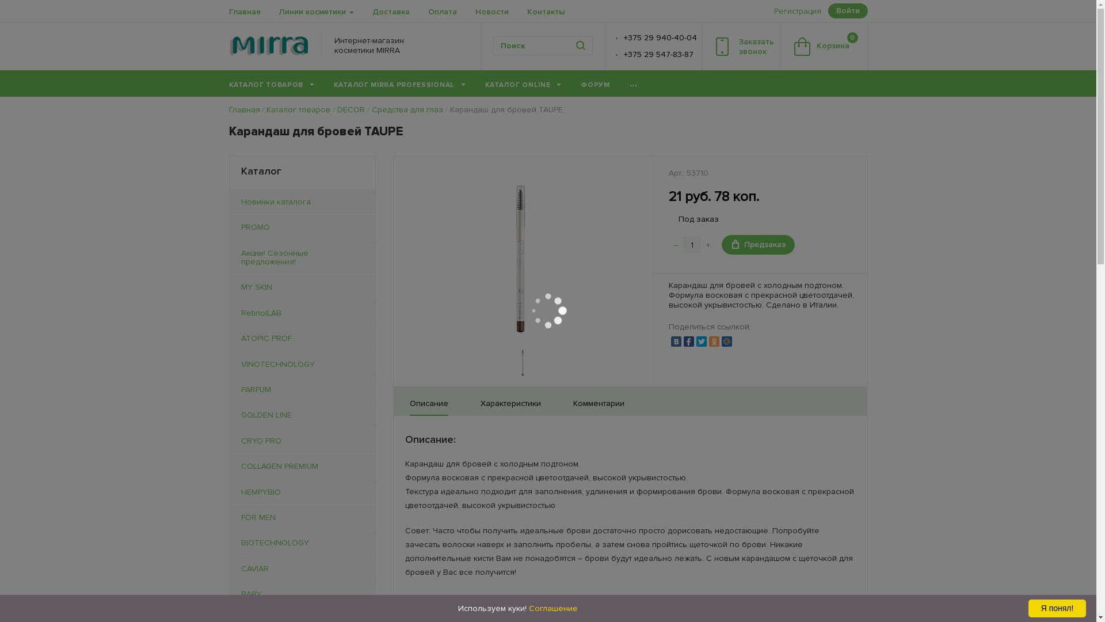 The width and height of the screenshot is (1105, 622). What do you see at coordinates (302, 389) in the screenshot?
I see `'PARFUM'` at bounding box center [302, 389].